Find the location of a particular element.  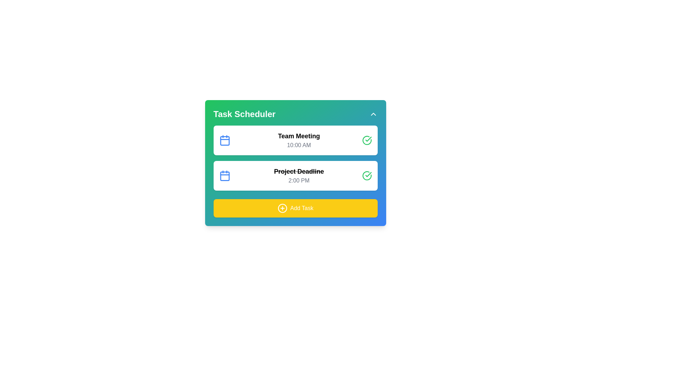

the SVG rectangle representing the calendar icon in the 'Project Deadline' section, located on the left side of the task title is located at coordinates (224, 176).